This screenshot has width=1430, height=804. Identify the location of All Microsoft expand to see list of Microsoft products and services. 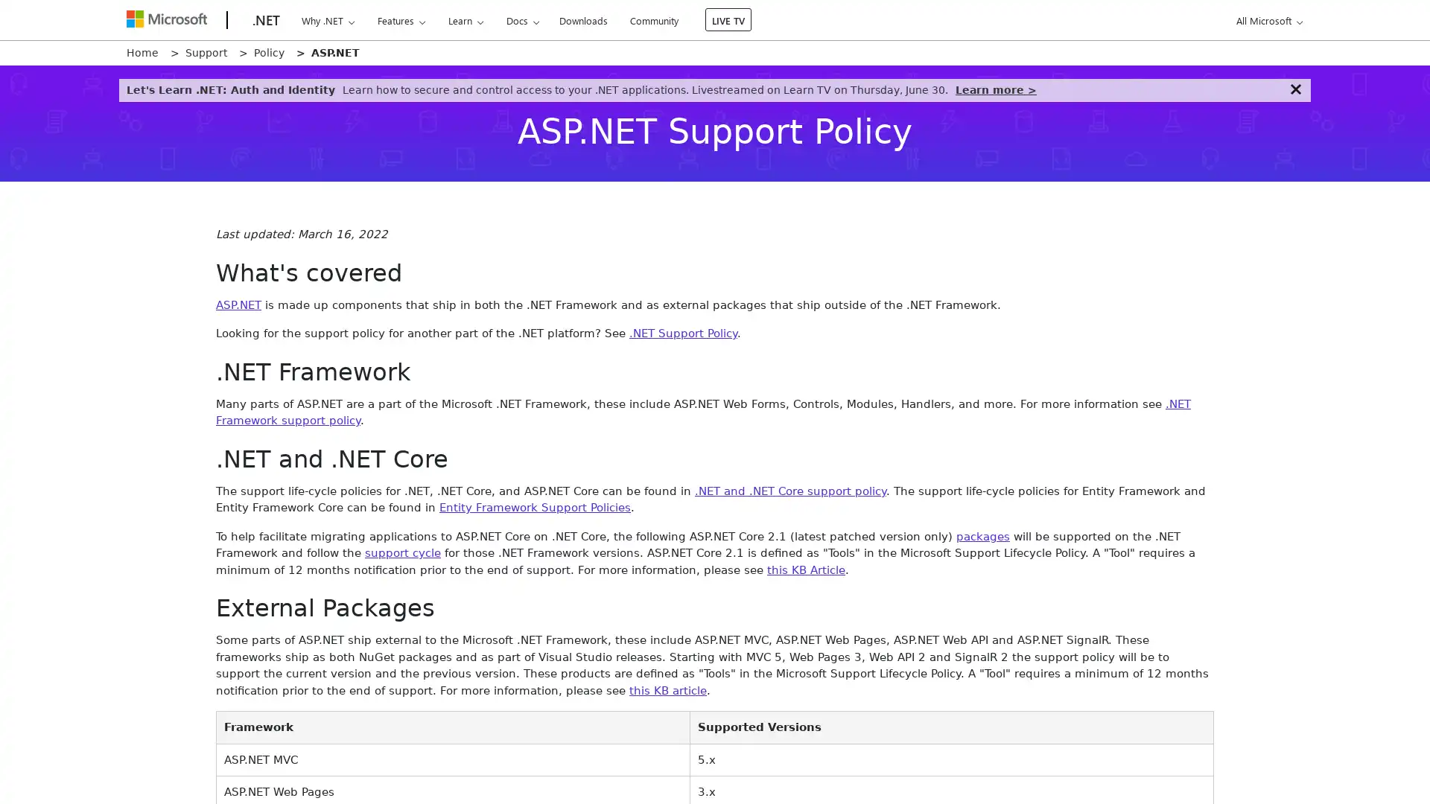
(1266, 20).